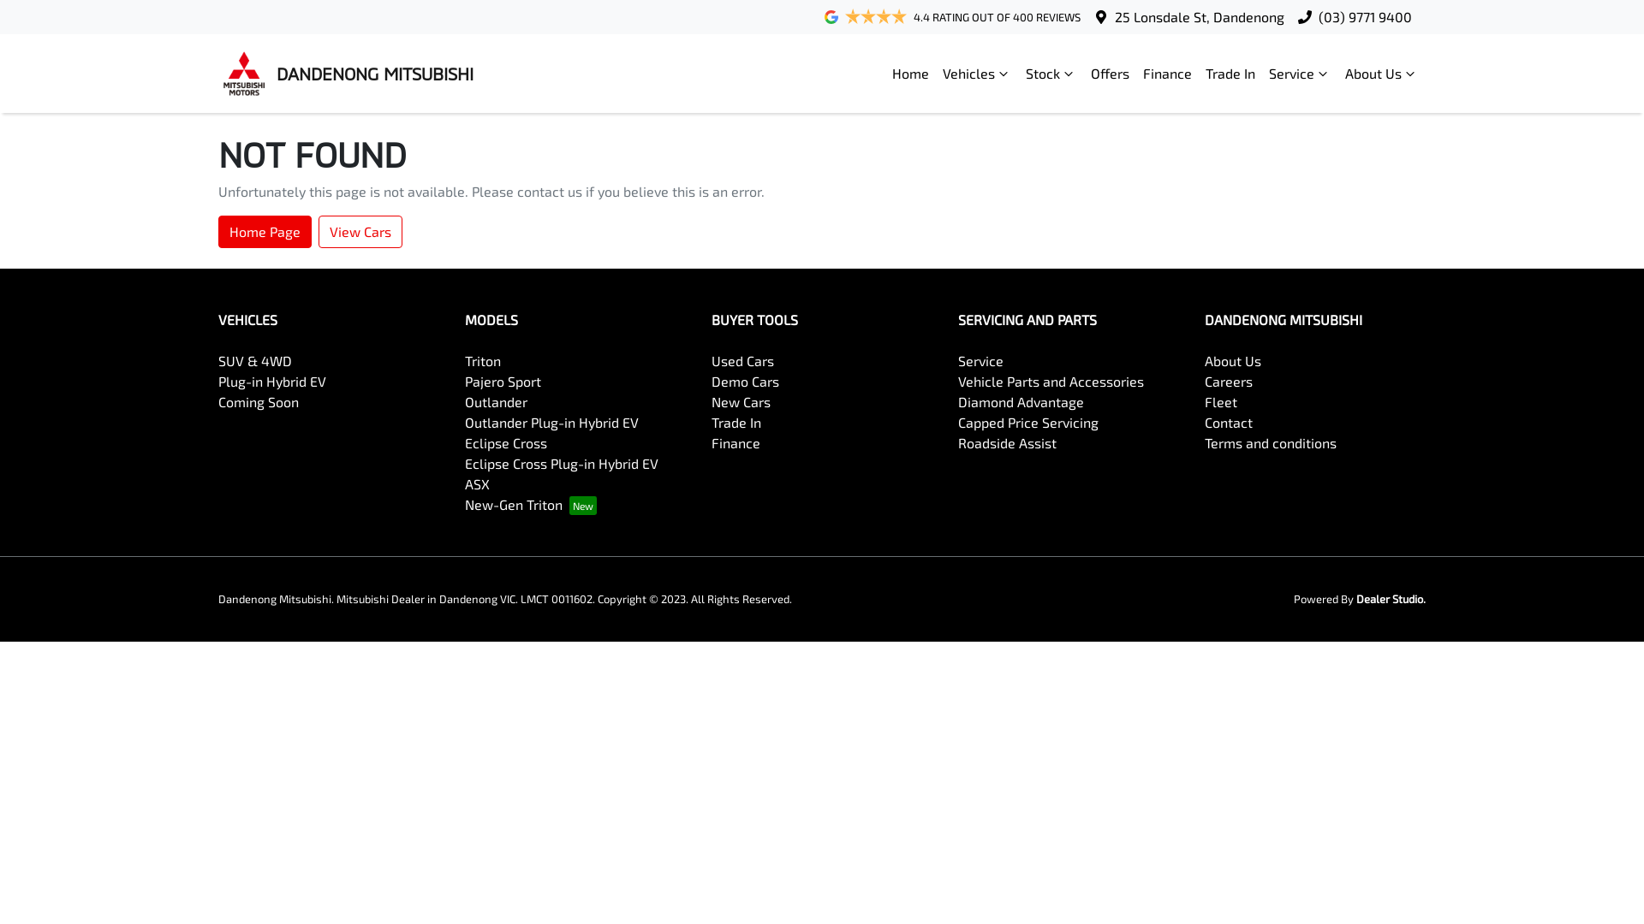  Describe the element at coordinates (1364, 16) in the screenshot. I see `'(03) 9771 9400'` at that location.